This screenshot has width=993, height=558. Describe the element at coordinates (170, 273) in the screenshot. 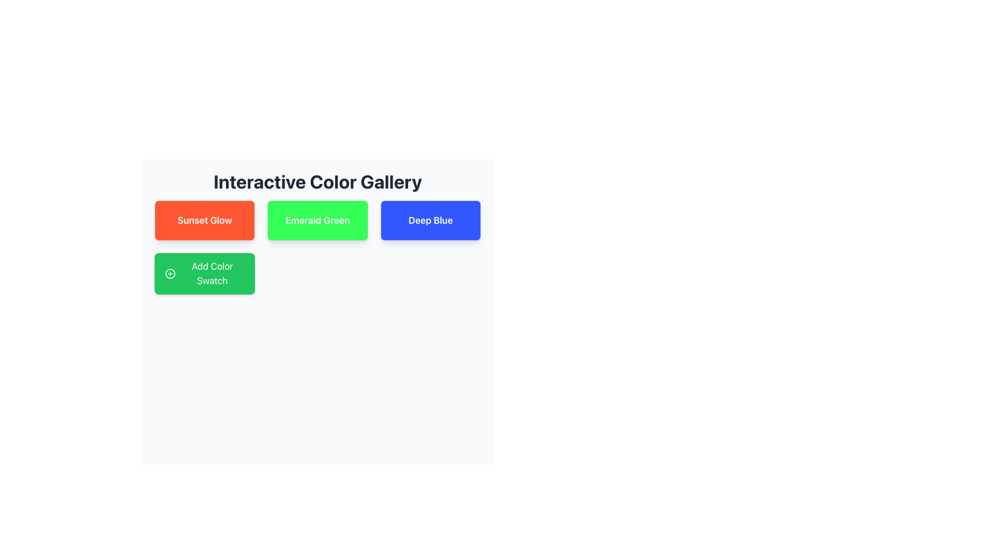

I see `the decorative circle graphic element within the 'Add Color Swatch' button, indicating the capability` at that location.